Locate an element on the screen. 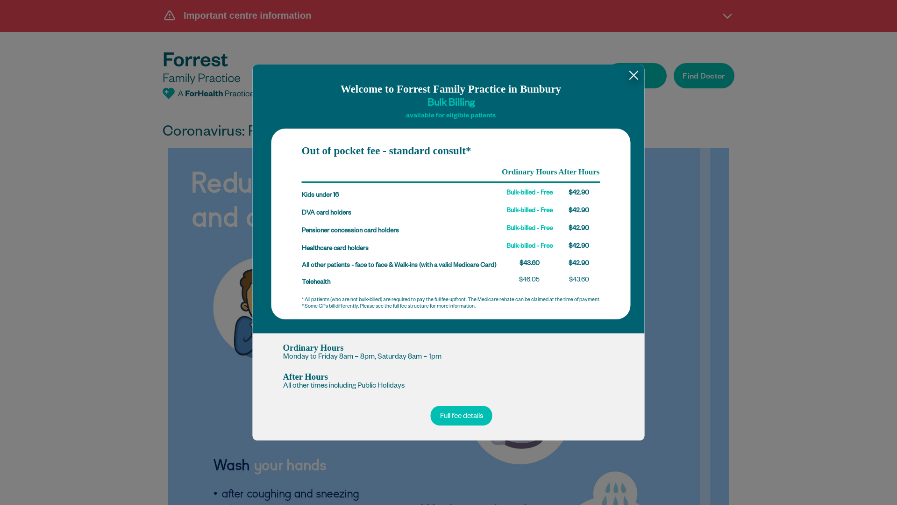 Image resolution: width=897 pixels, height=505 pixels. 'Book' is located at coordinates (636, 75).